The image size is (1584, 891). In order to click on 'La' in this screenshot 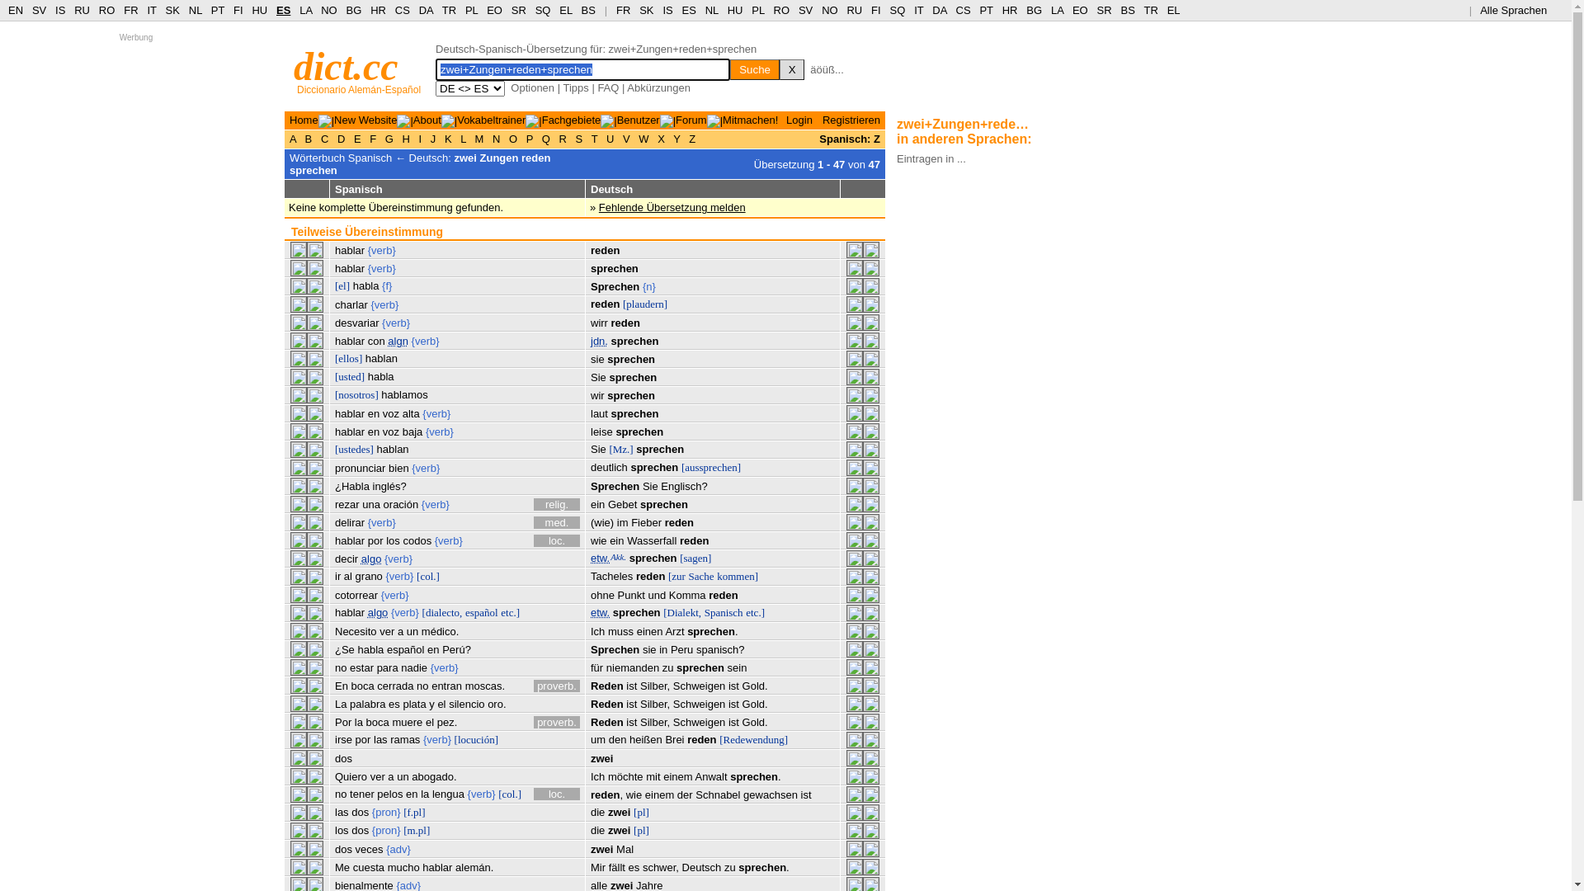, I will do `click(339, 704)`.